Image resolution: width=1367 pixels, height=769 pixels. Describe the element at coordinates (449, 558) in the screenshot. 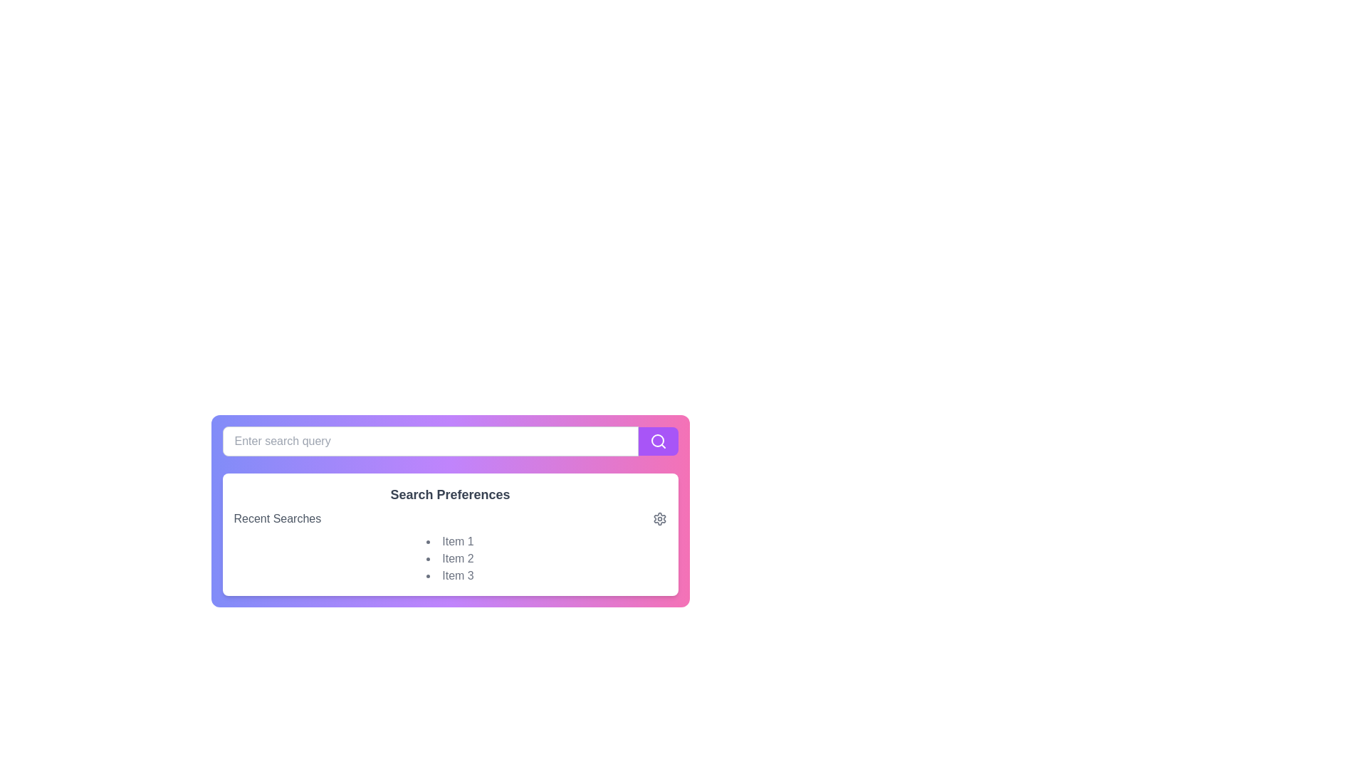

I see `the second list item displaying 'Item 2' in light gray font, which is part of the 'Search Preferences' section` at that location.